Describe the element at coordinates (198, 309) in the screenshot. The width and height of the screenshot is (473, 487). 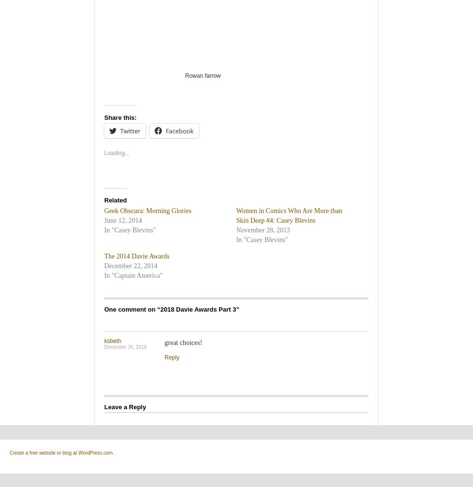
I see `'2018 Davie Awards Part 3'` at that location.